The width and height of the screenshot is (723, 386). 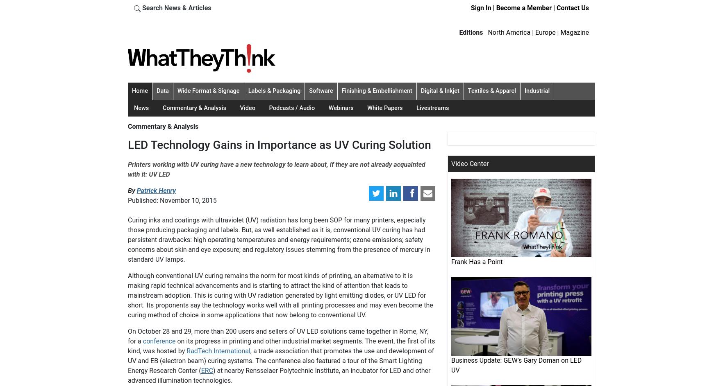 What do you see at coordinates (141, 108) in the screenshot?
I see `'News'` at bounding box center [141, 108].